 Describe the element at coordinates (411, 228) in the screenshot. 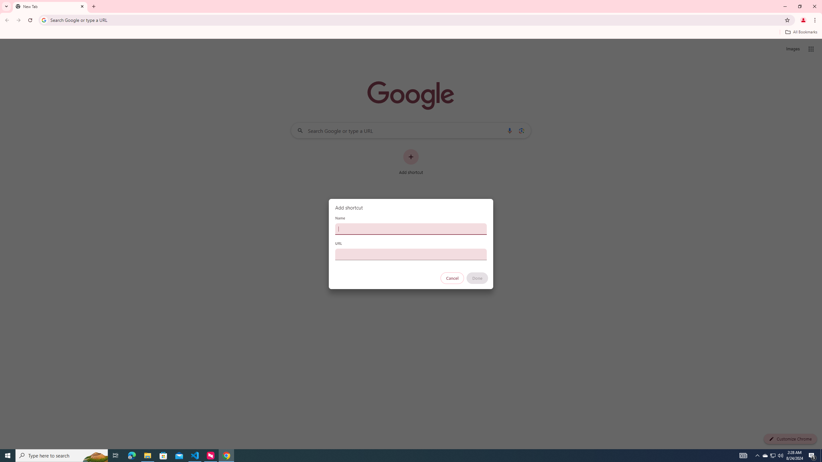

I see `'Name'` at that location.